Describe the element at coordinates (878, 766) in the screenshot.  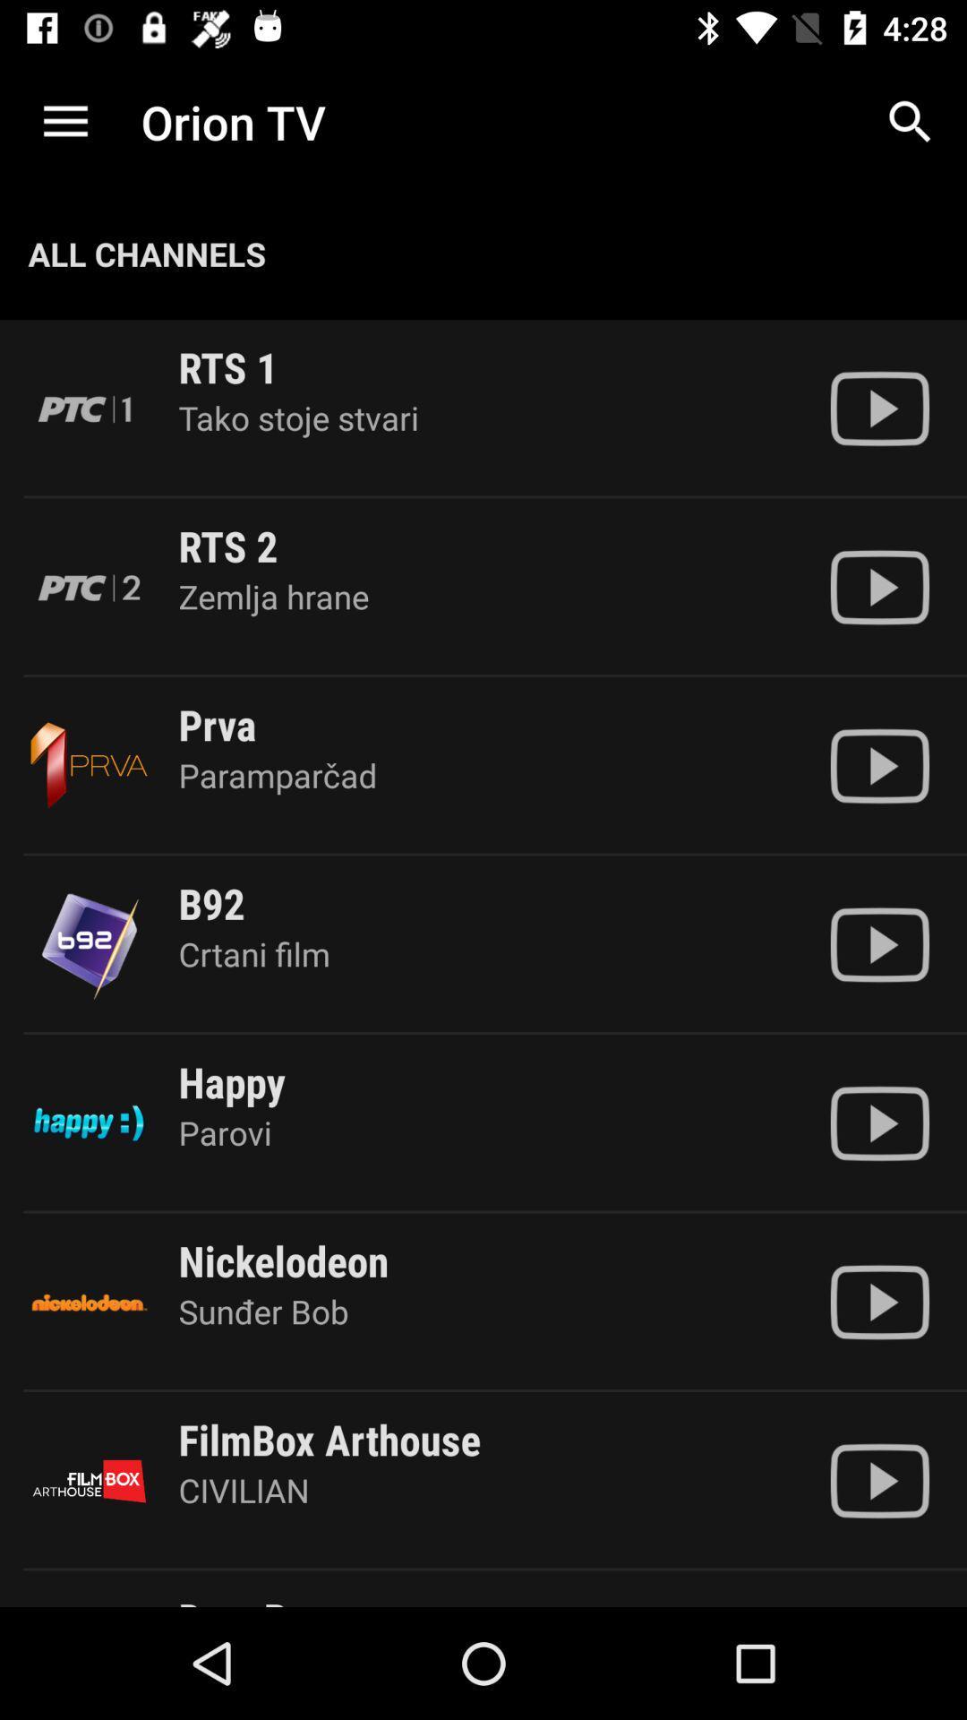
I see `the song` at that location.